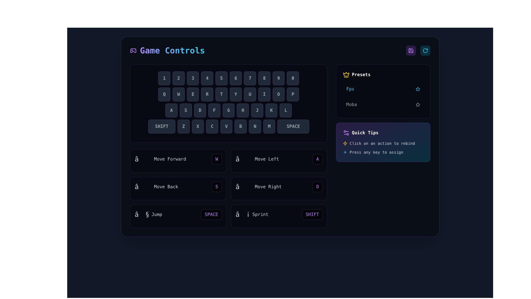 This screenshot has height=299, width=531. I want to click on the button labeled 'N', which is the seventh button in a horizontal row of keys on the virtual keyboard, styled with a dark background and light gray text, so click(254, 126).